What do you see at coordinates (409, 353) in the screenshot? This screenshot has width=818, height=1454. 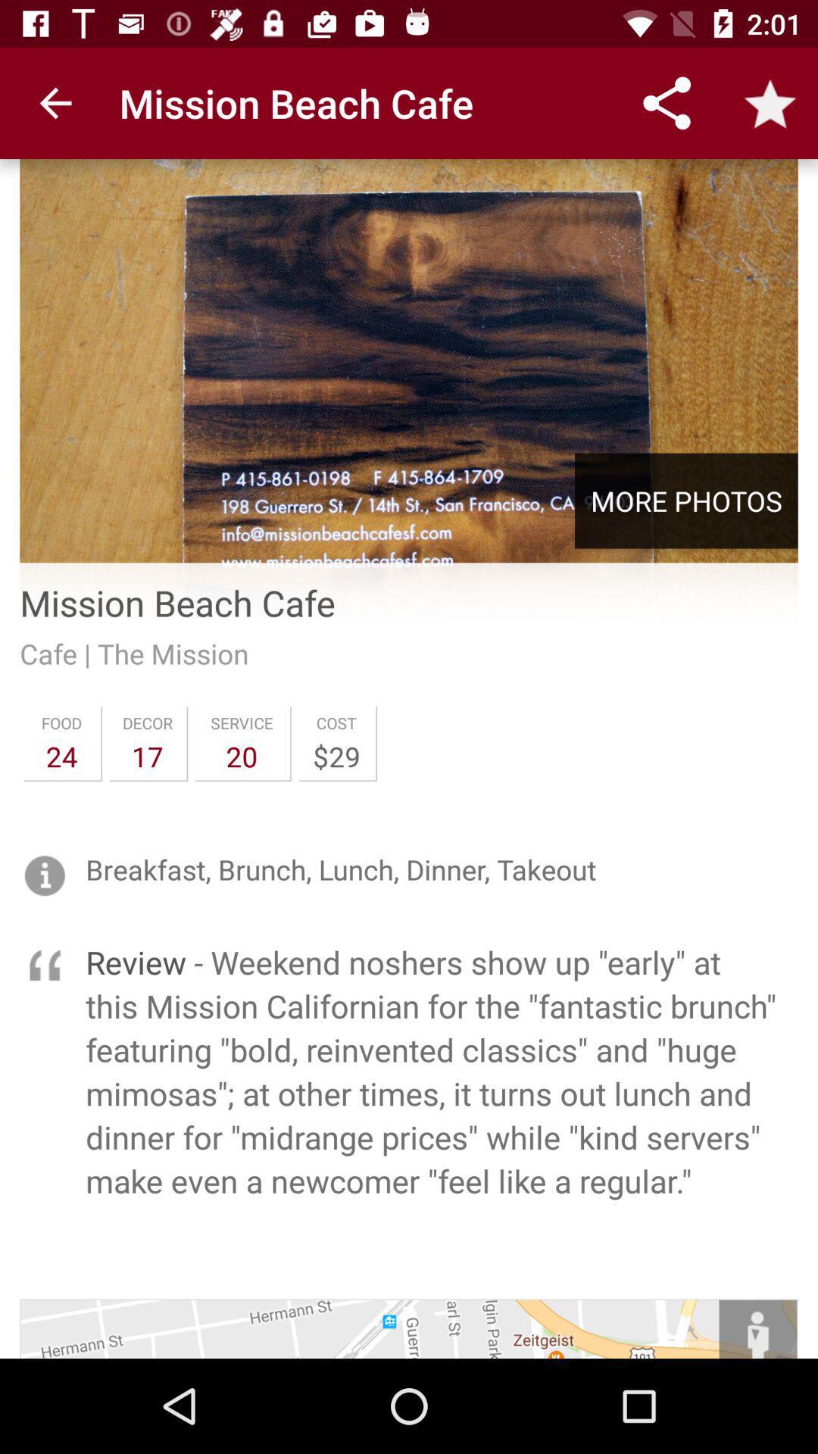 I see `the icon above mission beach cafe` at bounding box center [409, 353].